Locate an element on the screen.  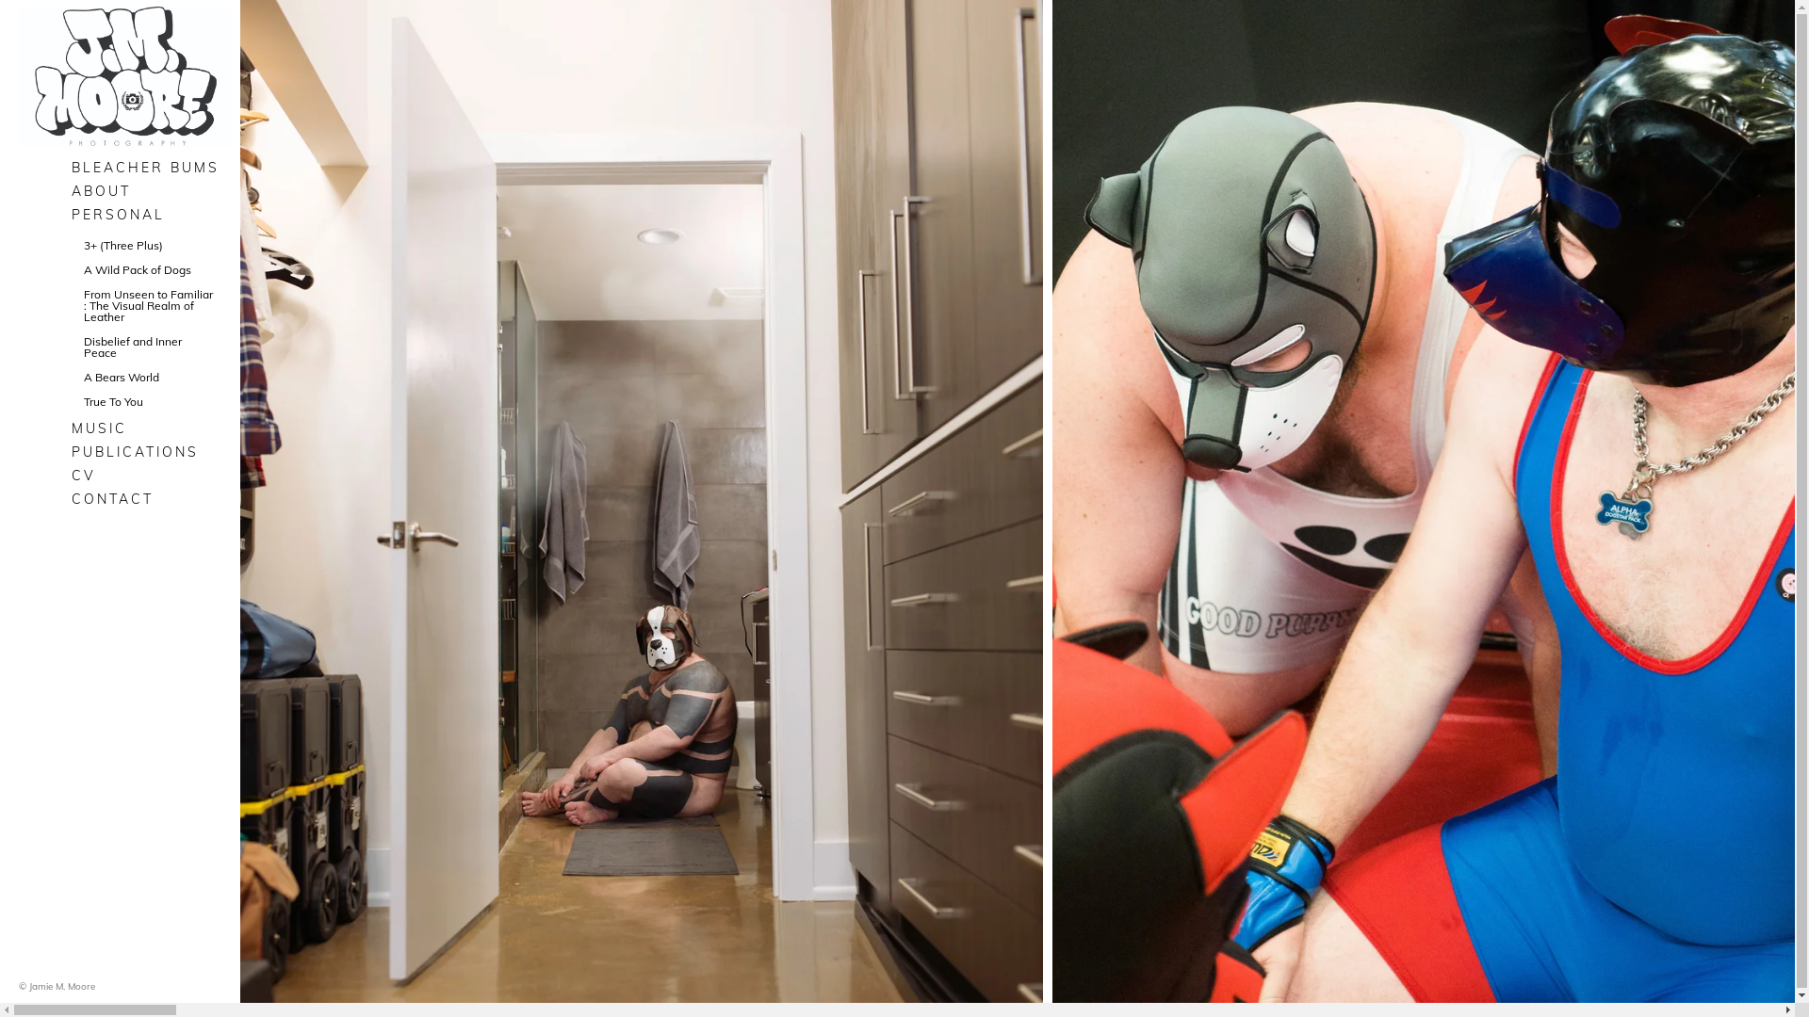
'PUBLICATIONS' is located at coordinates (147, 451).